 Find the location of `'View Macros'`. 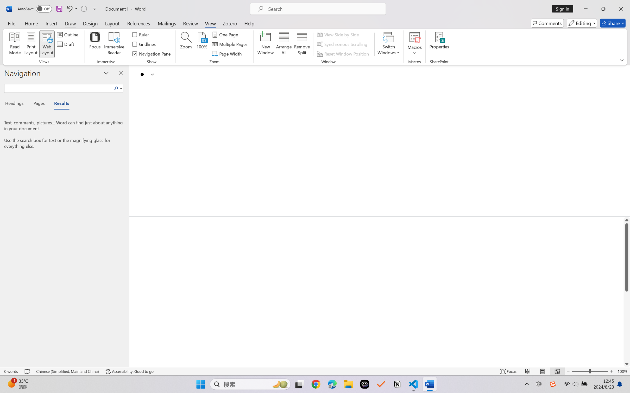

'View Macros' is located at coordinates (414, 37).